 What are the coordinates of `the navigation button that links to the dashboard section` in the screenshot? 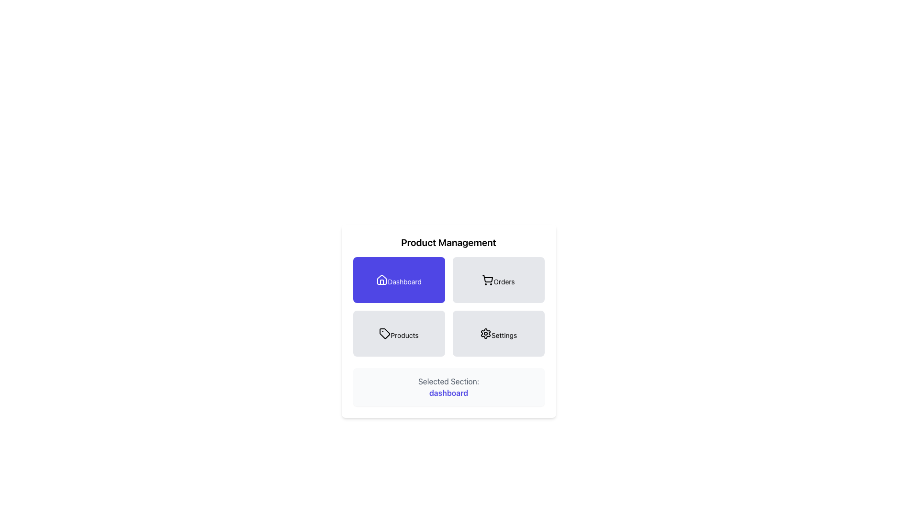 It's located at (399, 280).